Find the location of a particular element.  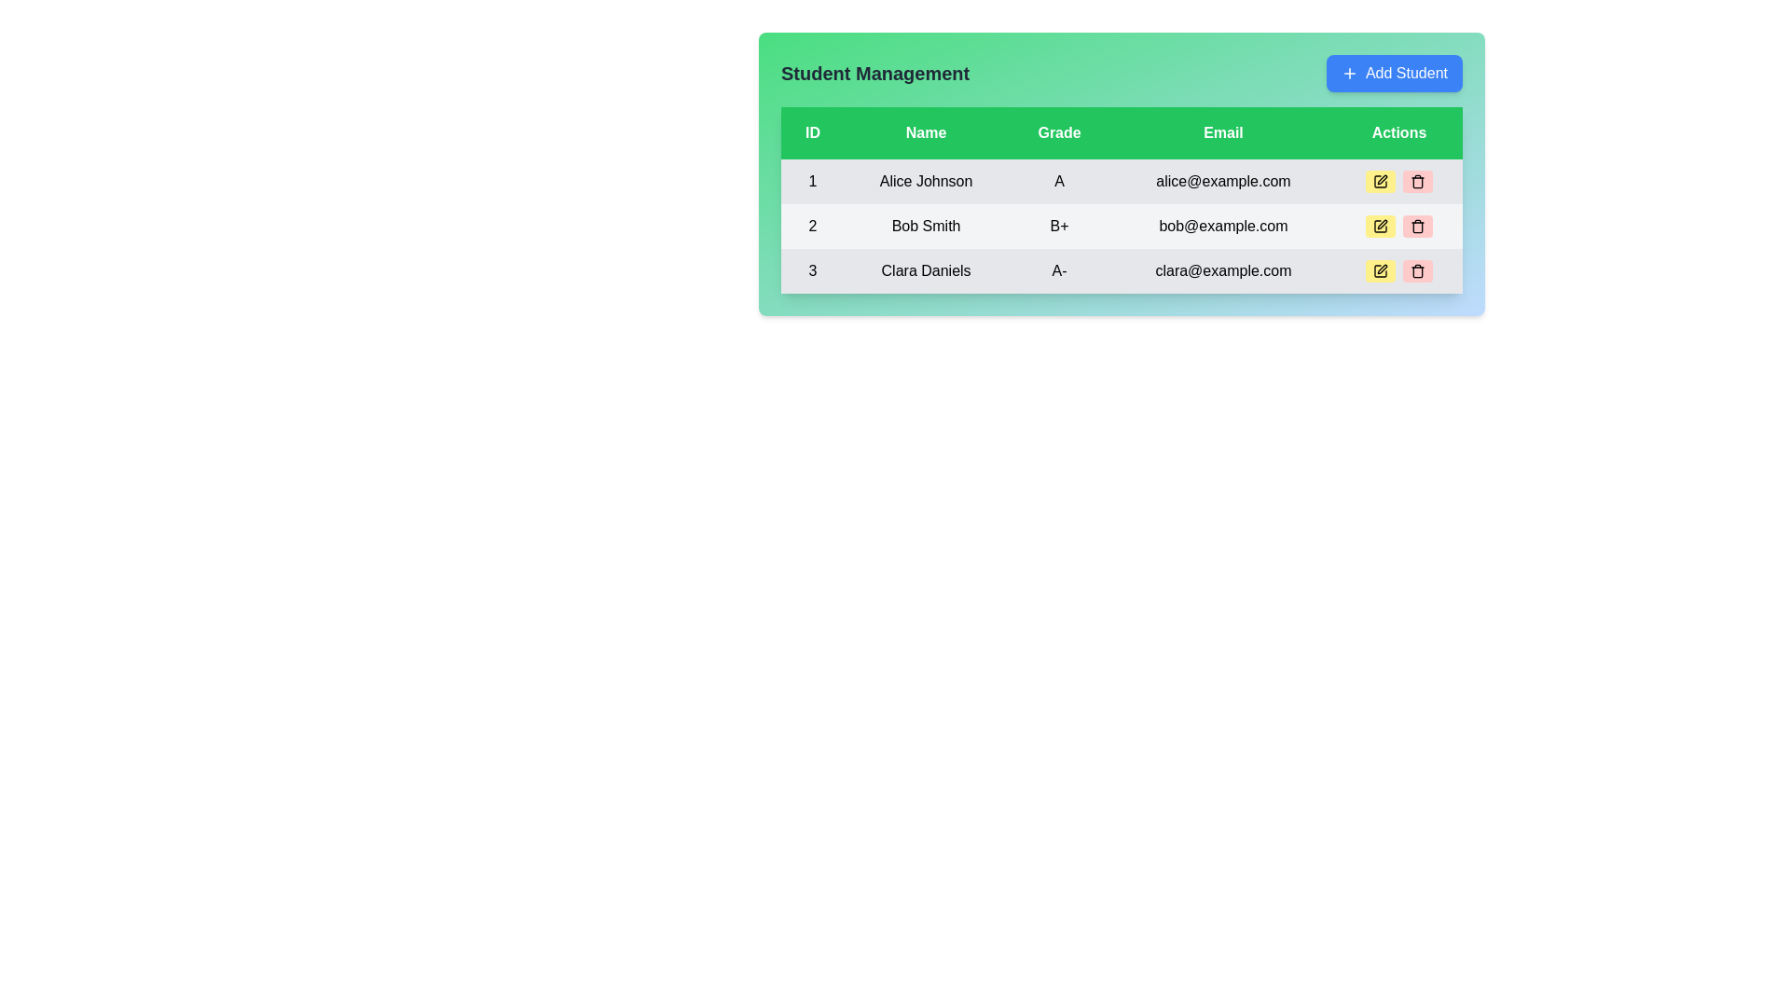

the 'Actions' text label located in the header row of the table component, which is the fifth column and positioned to the far-right, following the 'Email' column is located at coordinates (1399, 131).